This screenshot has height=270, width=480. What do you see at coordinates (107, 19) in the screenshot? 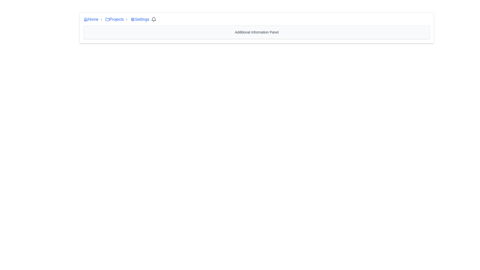
I see `the folder outline icon located in the top navigation bar, positioned between the 'Projects' breadcrumb link and 'Settings' icon` at bounding box center [107, 19].